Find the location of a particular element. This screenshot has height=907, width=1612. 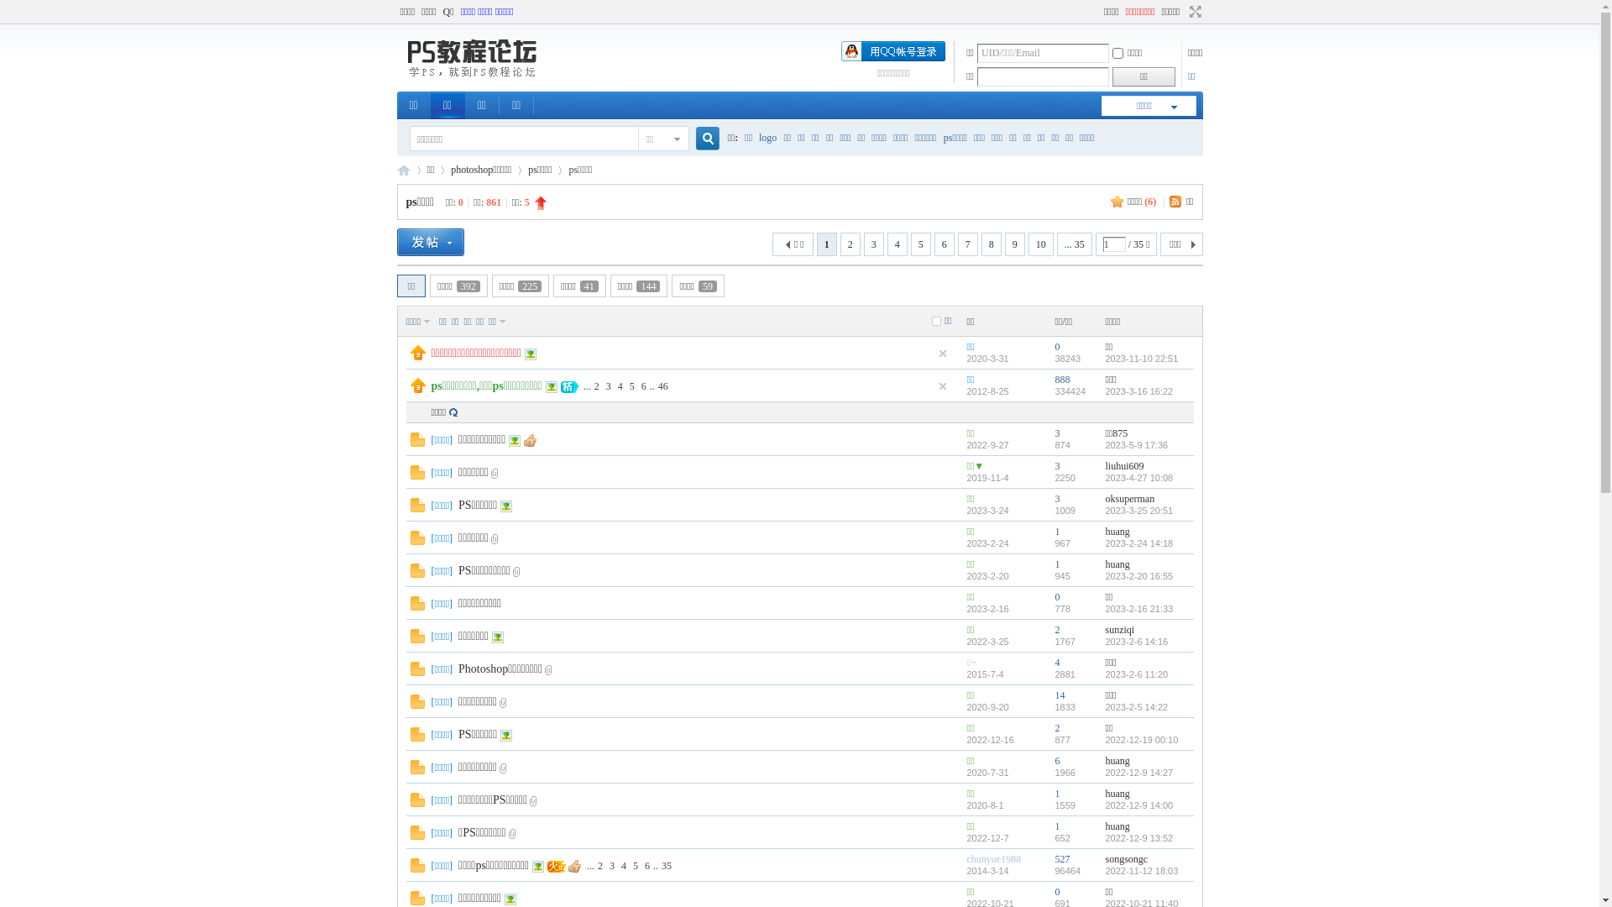

'chunyue1988' is located at coordinates (967, 858).